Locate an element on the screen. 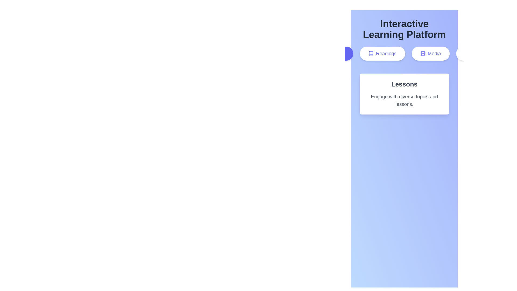 The width and height of the screenshot is (517, 291). the icon associated with the tab Media is located at coordinates (422, 54).